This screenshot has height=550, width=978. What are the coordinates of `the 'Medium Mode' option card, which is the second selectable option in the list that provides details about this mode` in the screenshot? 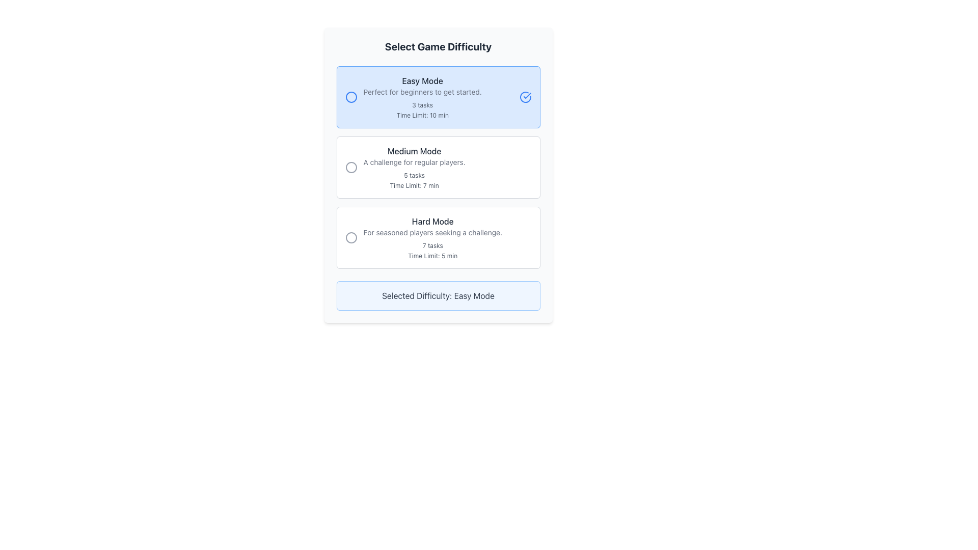 It's located at (438, 167).